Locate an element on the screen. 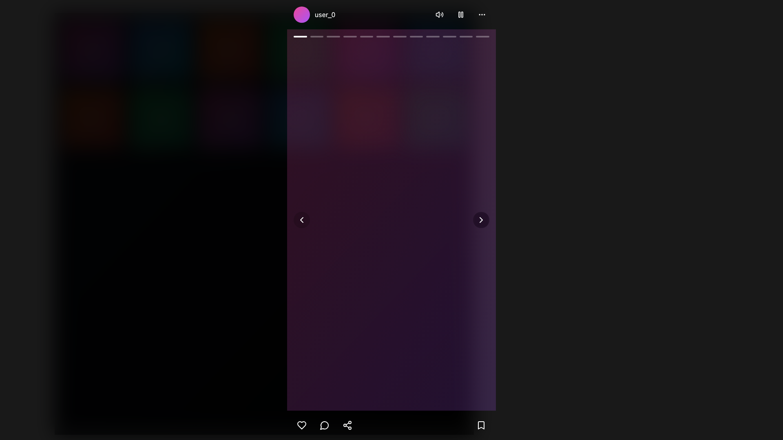 This screenshot has width=783, height=440. the speaker icon with sound waves in the top-right area of the interface is located at coordinates (439, 14).